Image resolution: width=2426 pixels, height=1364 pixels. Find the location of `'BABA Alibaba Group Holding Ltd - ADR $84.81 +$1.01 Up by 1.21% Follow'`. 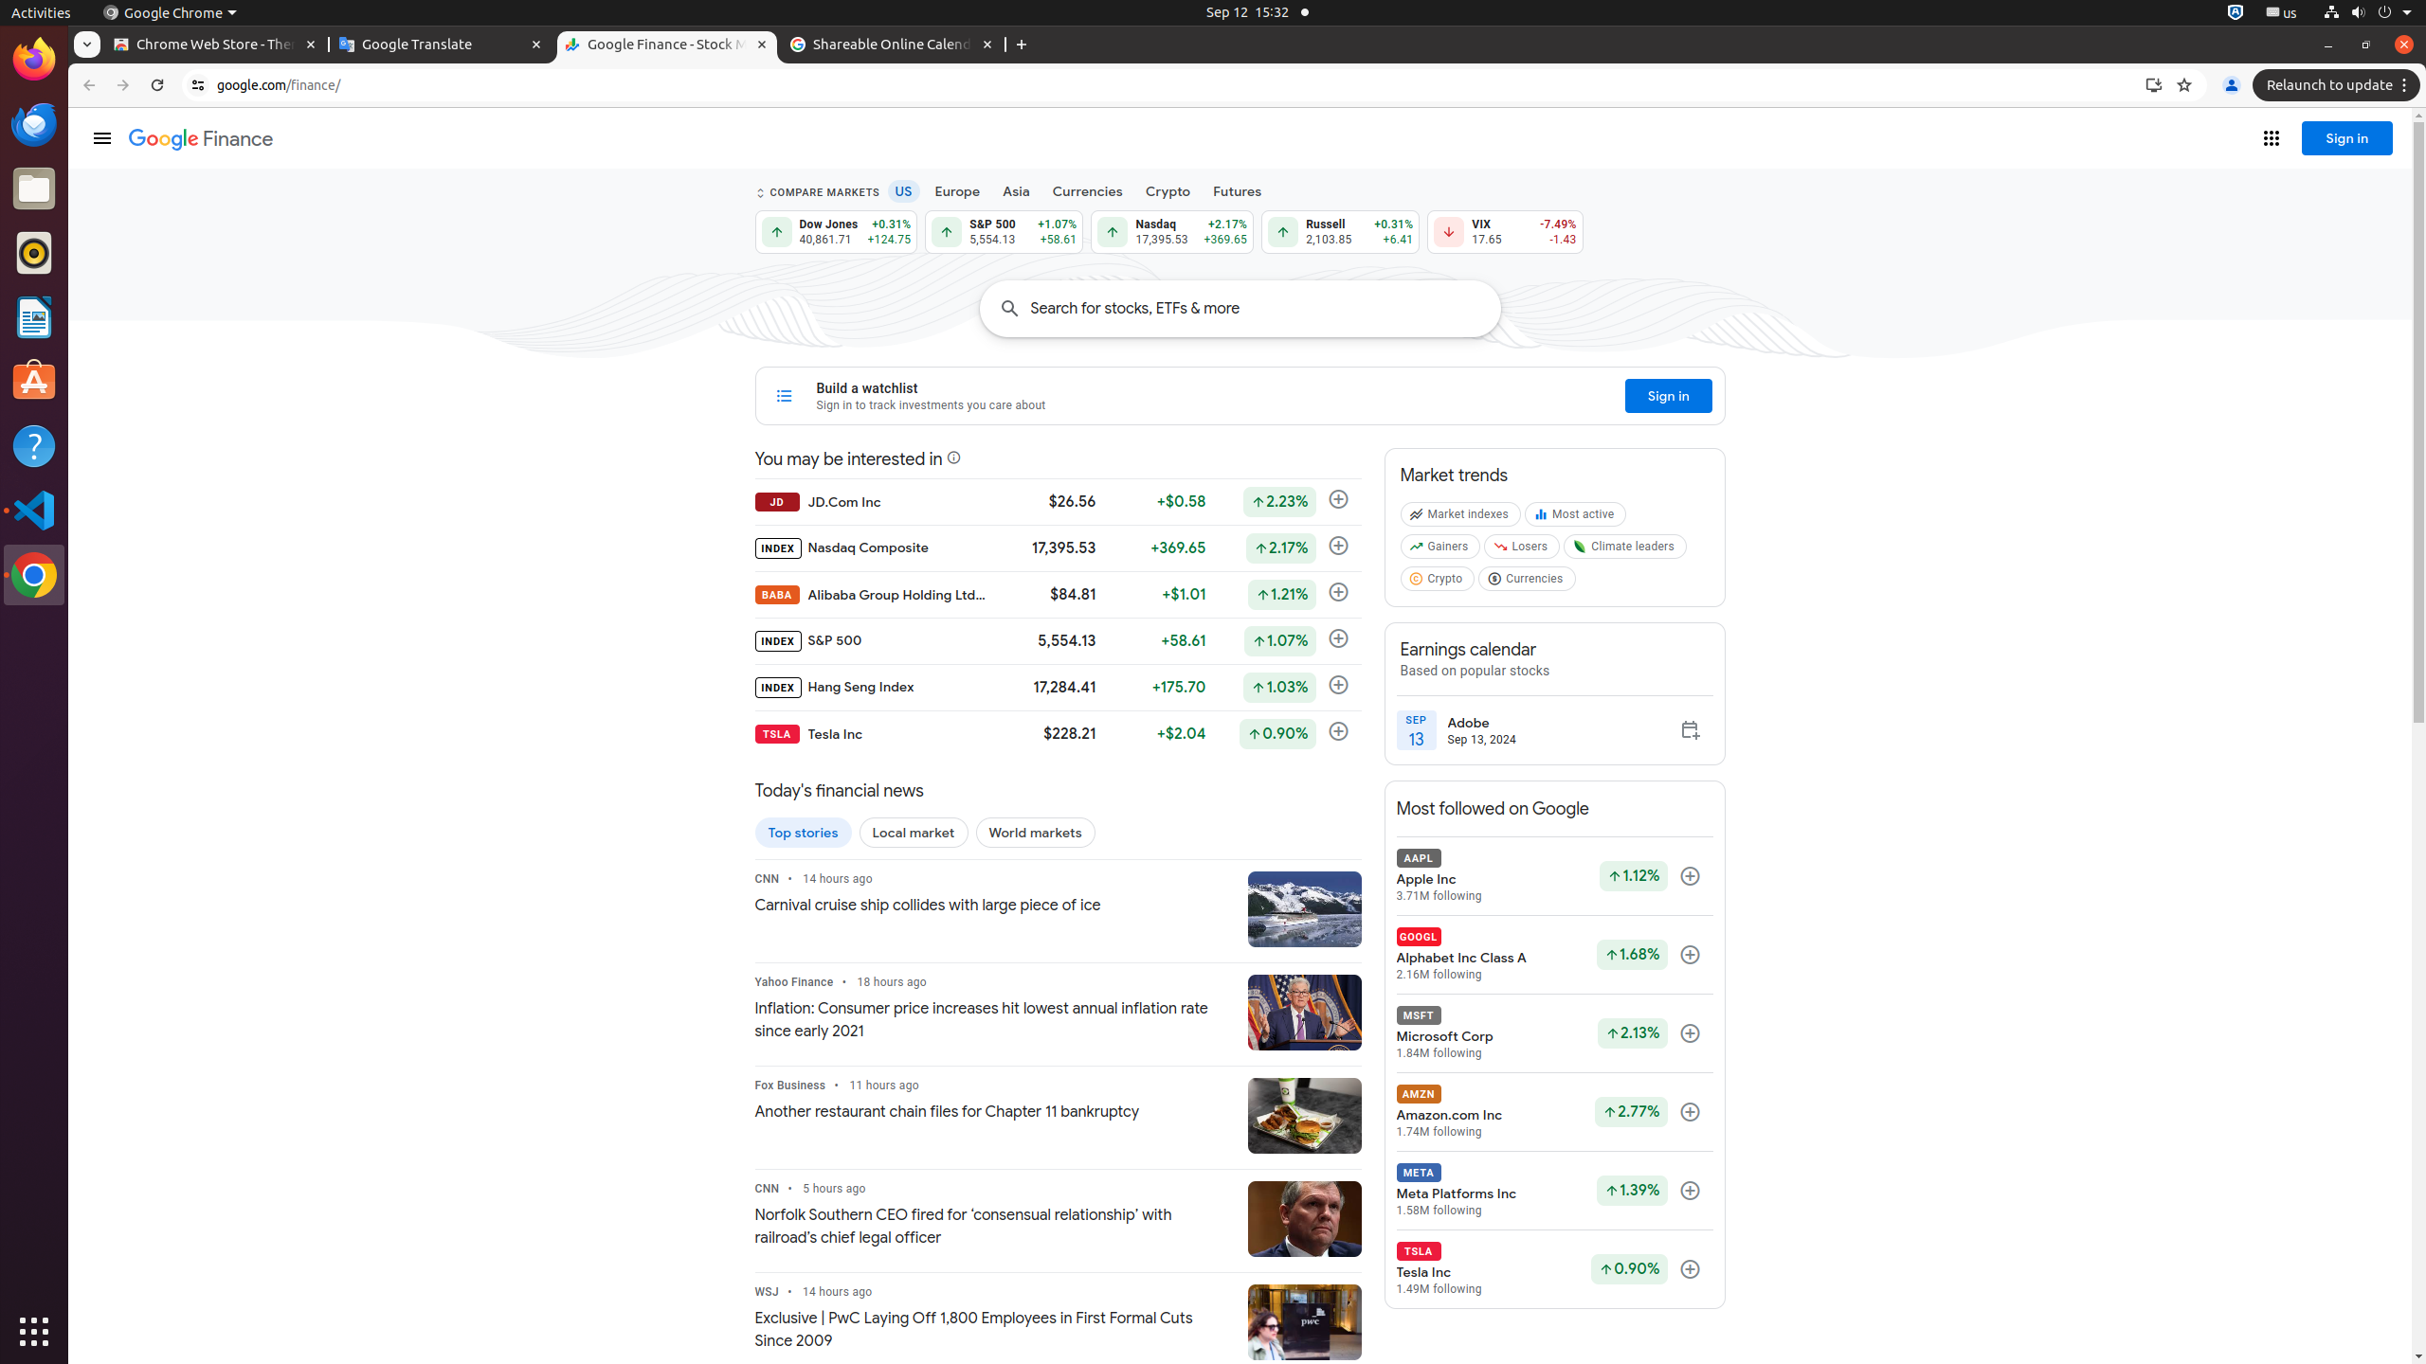

'BABA Alibaba Group Holding Ltd - ADR $84.81 +$1.01 Up by 1.21% Follow' is located at coordinates (1058, 594).